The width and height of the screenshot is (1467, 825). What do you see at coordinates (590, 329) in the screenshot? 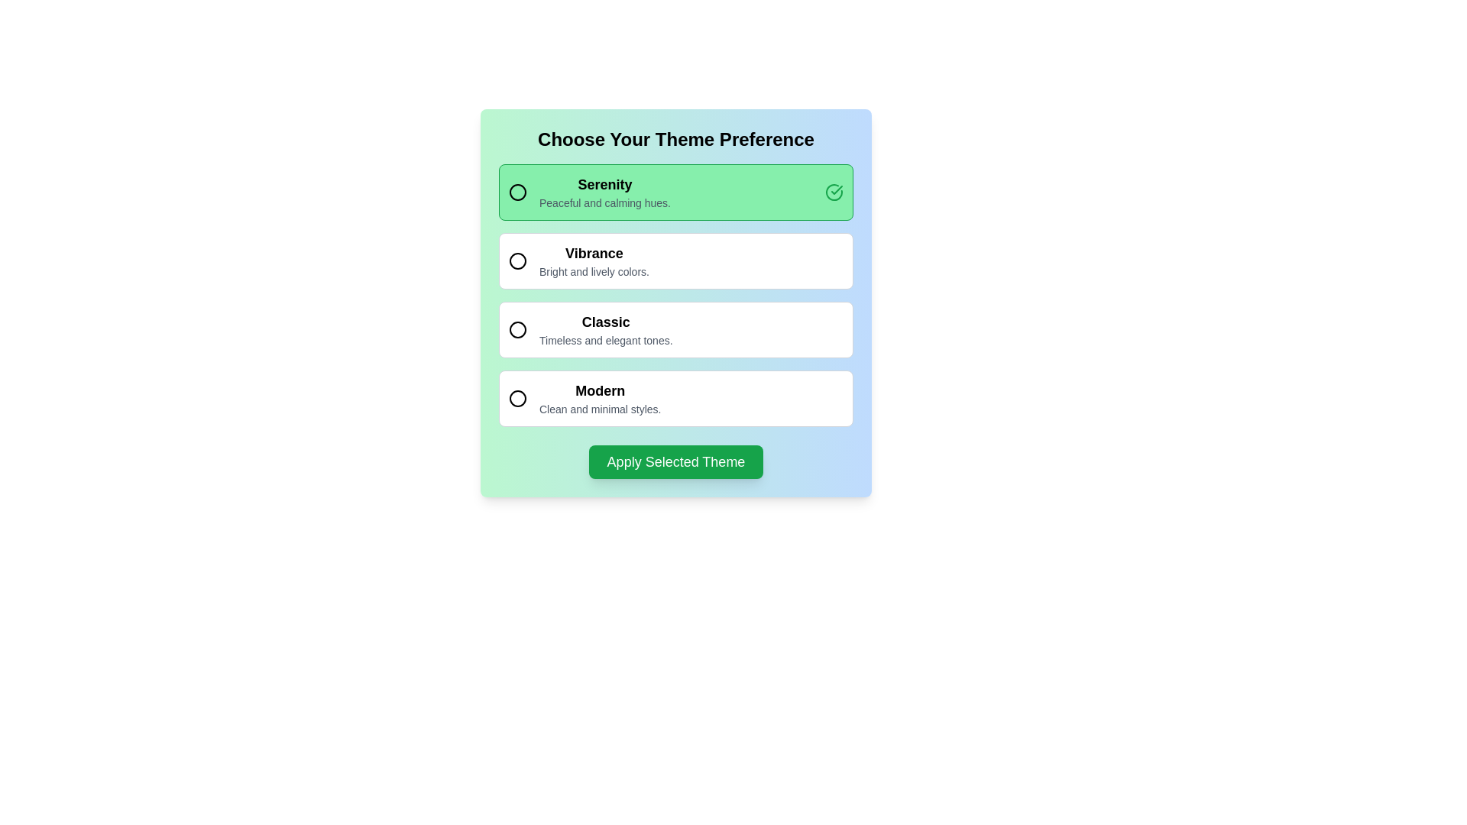
I see `the 'Classic' theme option, which is a radio button and text combo located as the third option in a vertical list of selectable themes` at bounding box center [590, 329].